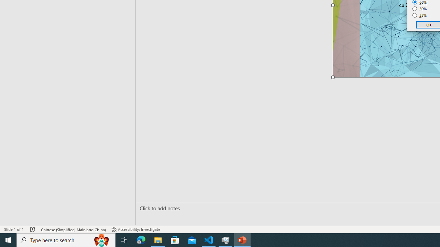 The image size is (440, 247). What do you see at coordinates (419, 15) in the screenshot?
I see `'33%'` at bounding box center [419, 15].